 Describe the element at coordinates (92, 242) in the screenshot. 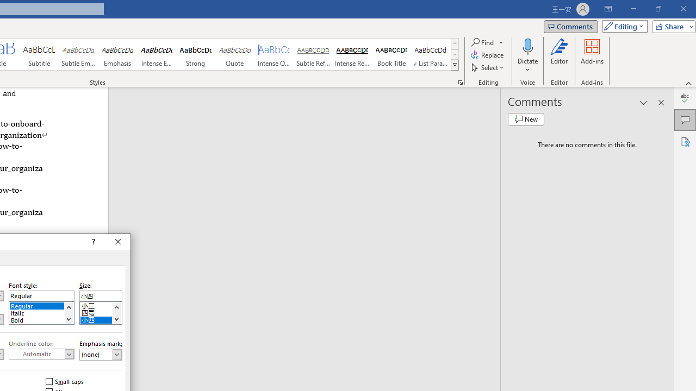

I see `'Context help'` at that location.